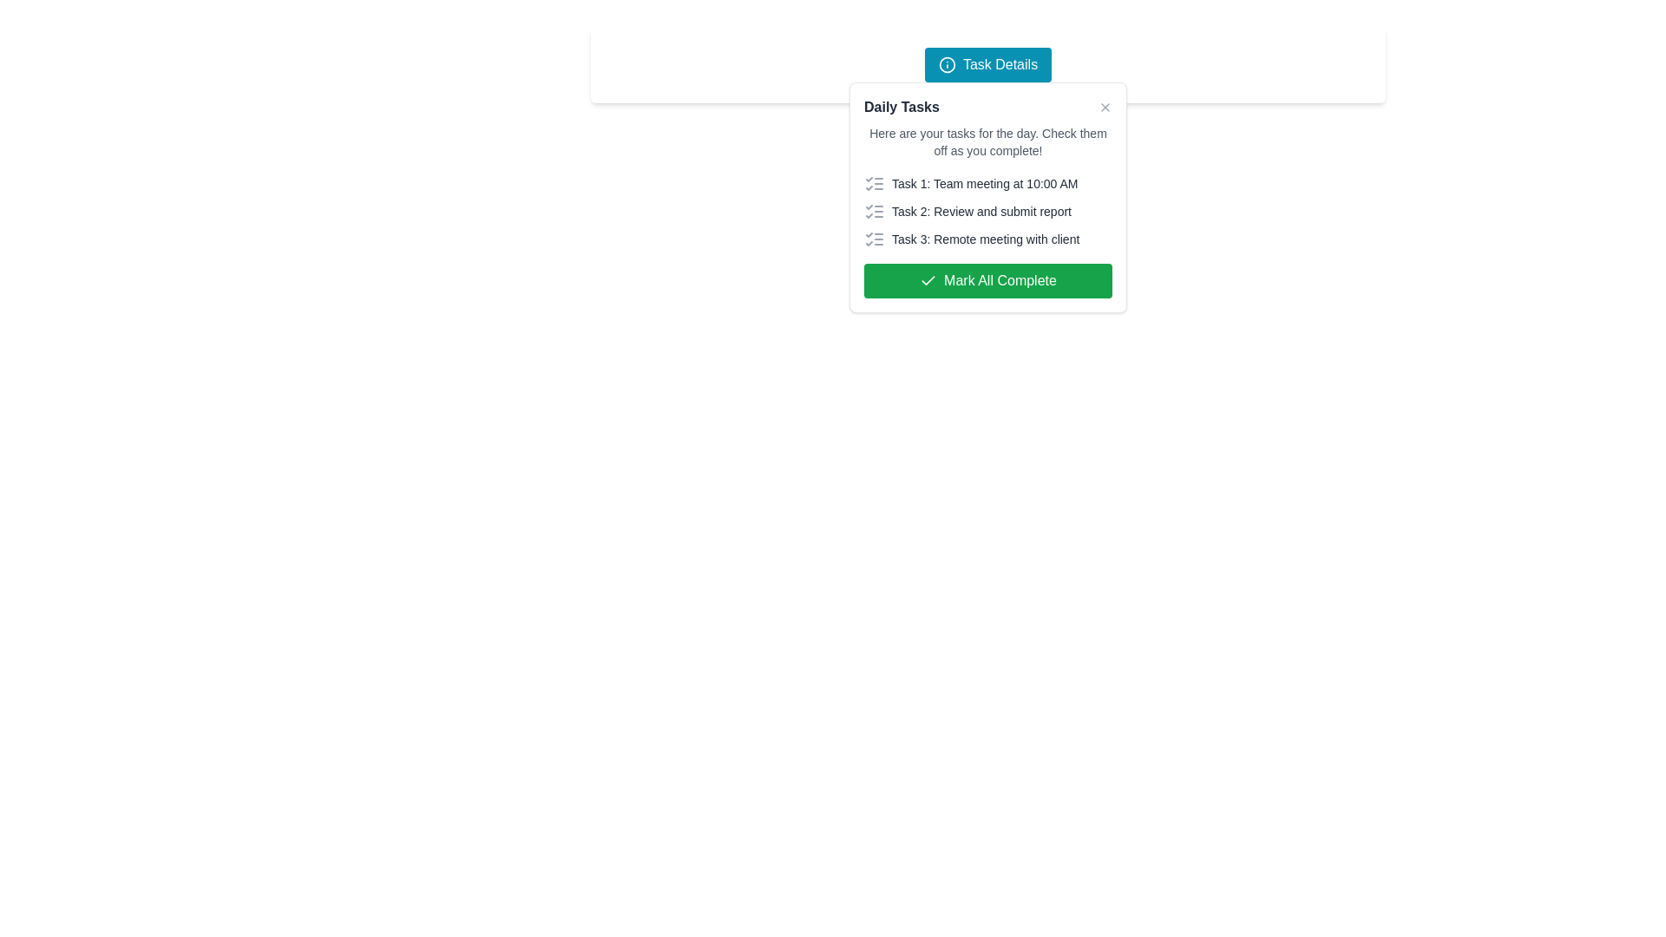  Describe the element at coordinates (987, 184) in the screenshot. I see `the first task entry in the task management interface that reads 'Task 1: Team meeting at 10:00 AM' with a checklist icon` at that location.